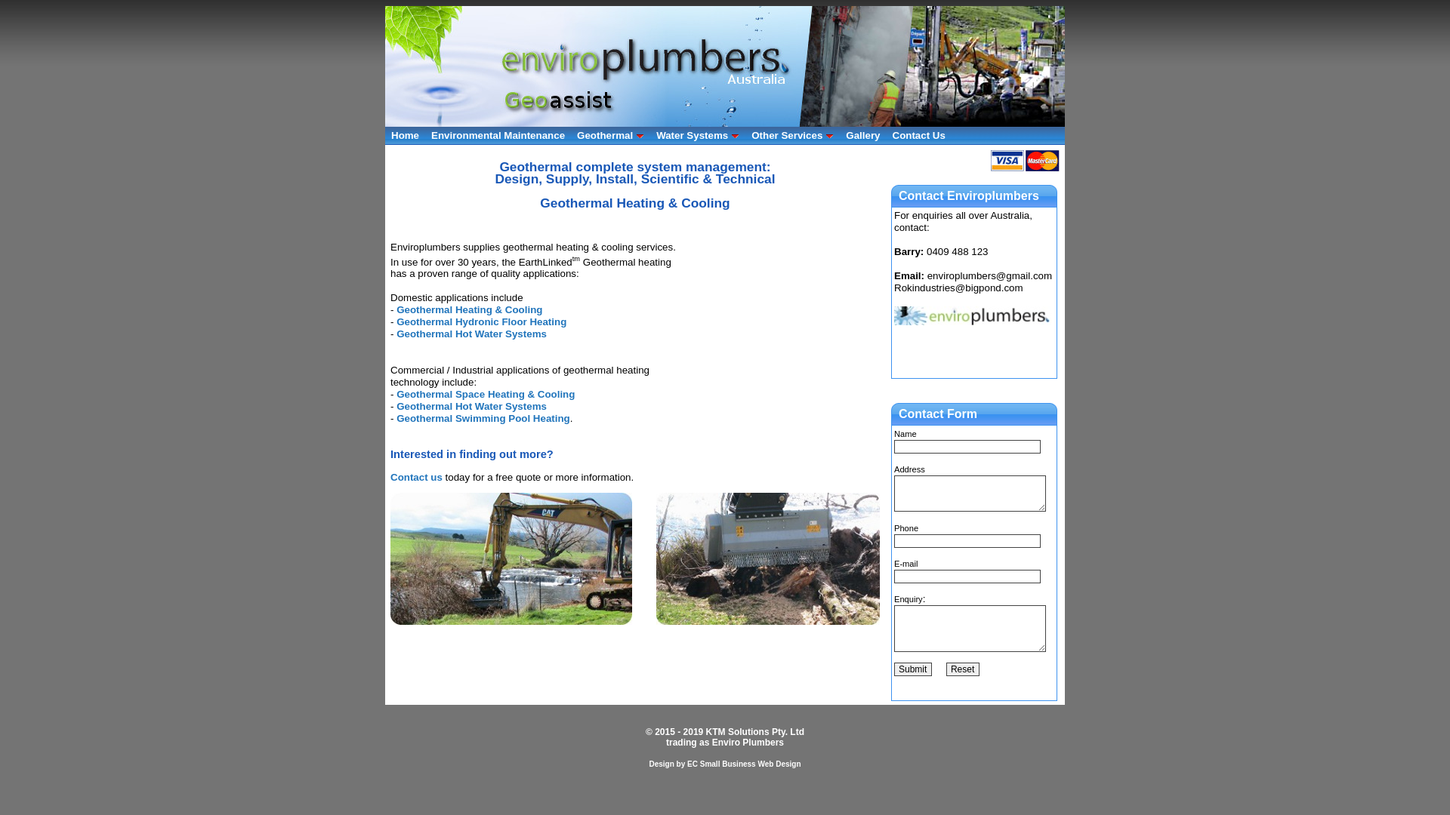  Describe the element at coordinates (390, 477) in the screenshot. I see `'Contact us'` at that location.